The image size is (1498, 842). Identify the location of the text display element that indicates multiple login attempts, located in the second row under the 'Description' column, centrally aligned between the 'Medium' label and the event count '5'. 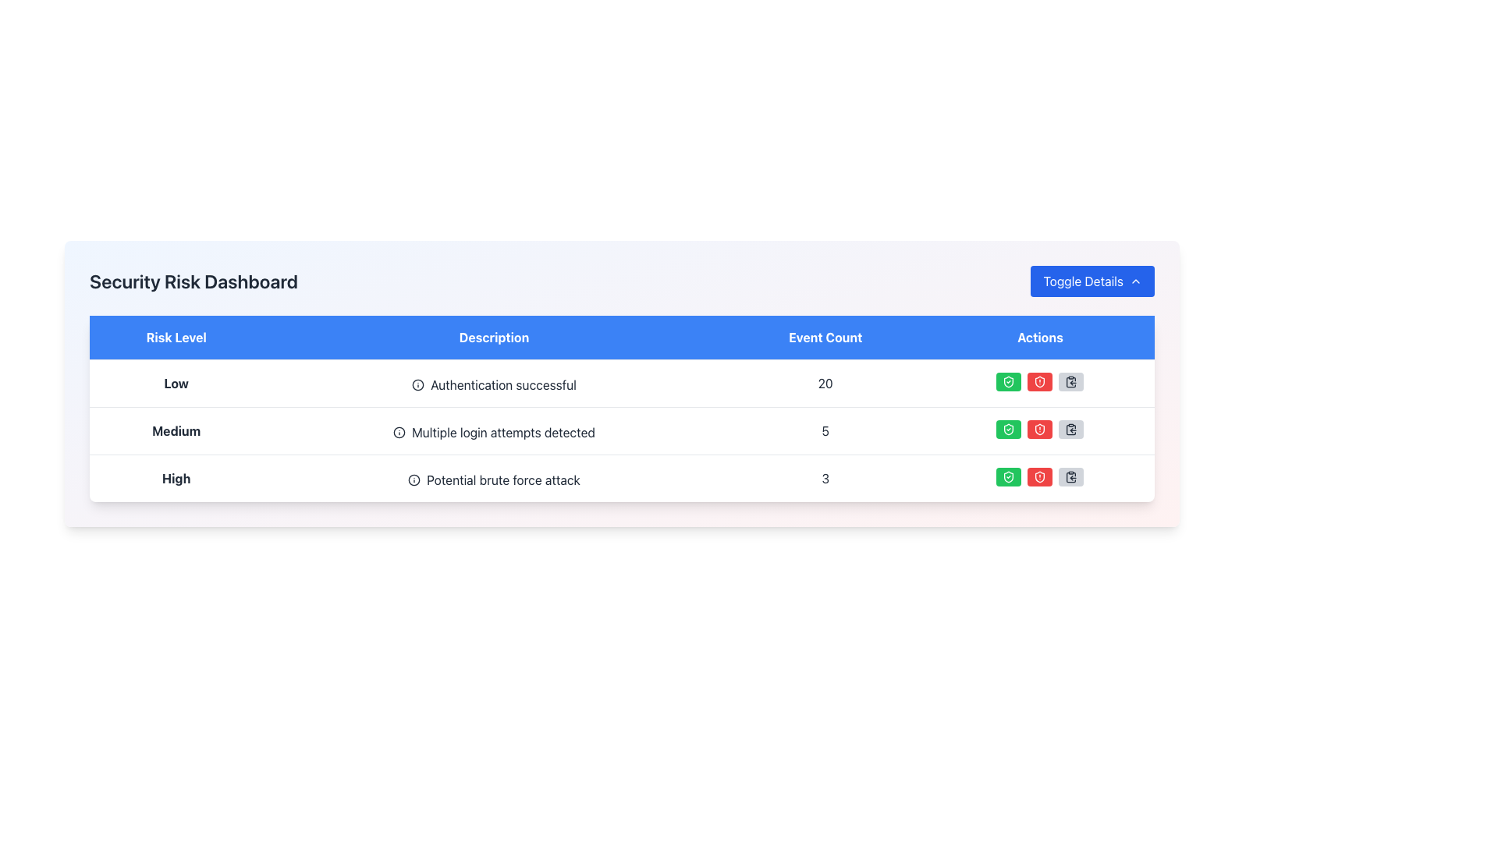
(493, 433).